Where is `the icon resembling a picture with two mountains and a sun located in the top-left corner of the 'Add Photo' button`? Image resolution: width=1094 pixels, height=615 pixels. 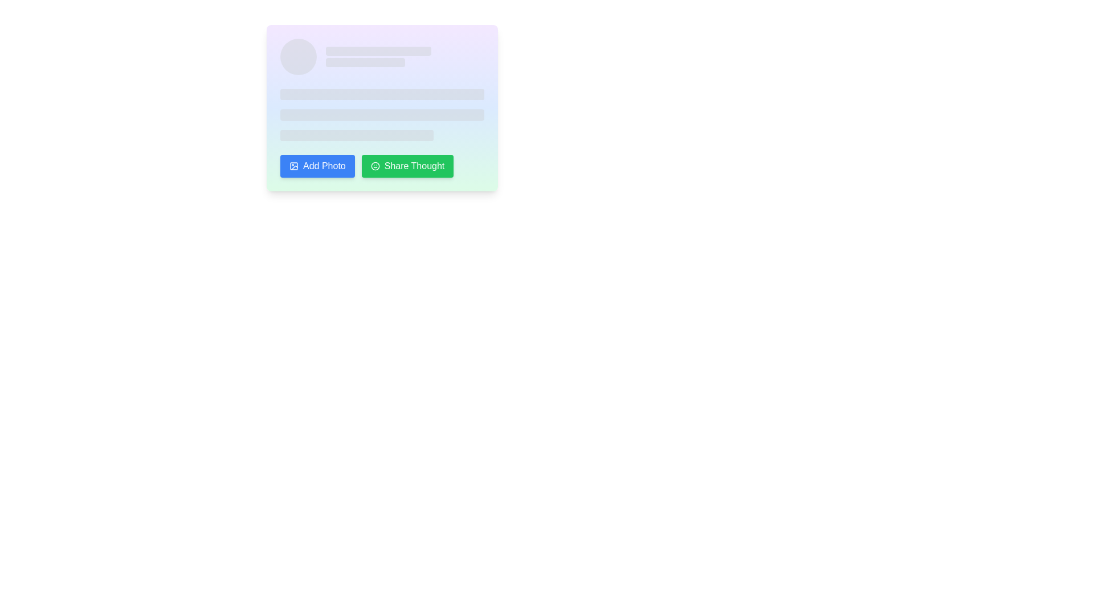 the icon resembling a picture with two mountains and a sun located in the top-left corner of the 'Add Photo' button is located at coordinates (293, 166).